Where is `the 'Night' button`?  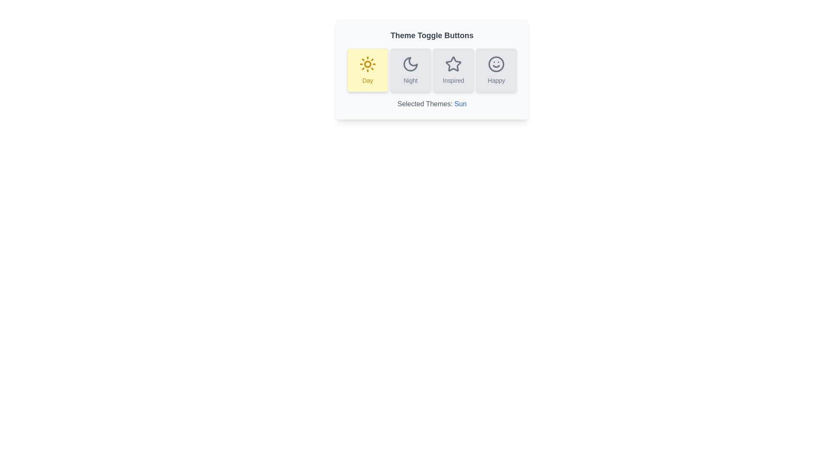
the 'Night' button is located at coordinates (410, 70).